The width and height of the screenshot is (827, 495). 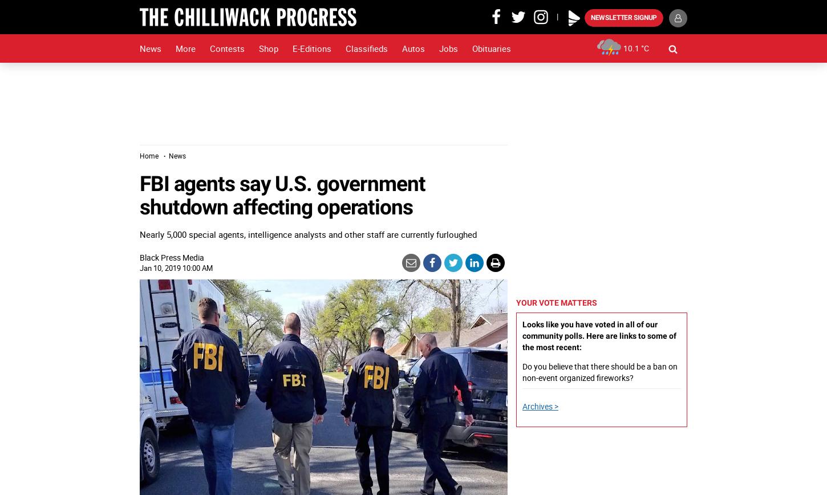 I want to click on 'Looks like you have voted in all of our community polls. Here are links to some of the most recent:', so click(x=521, y=336).